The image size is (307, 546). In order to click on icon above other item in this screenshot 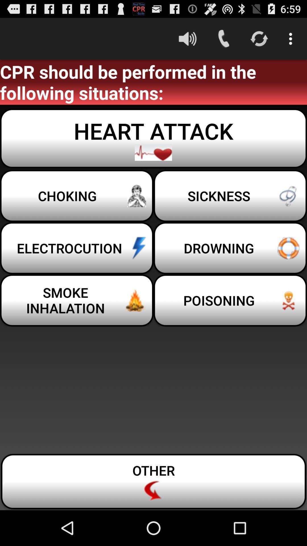, I will do `click(230, 300)`.